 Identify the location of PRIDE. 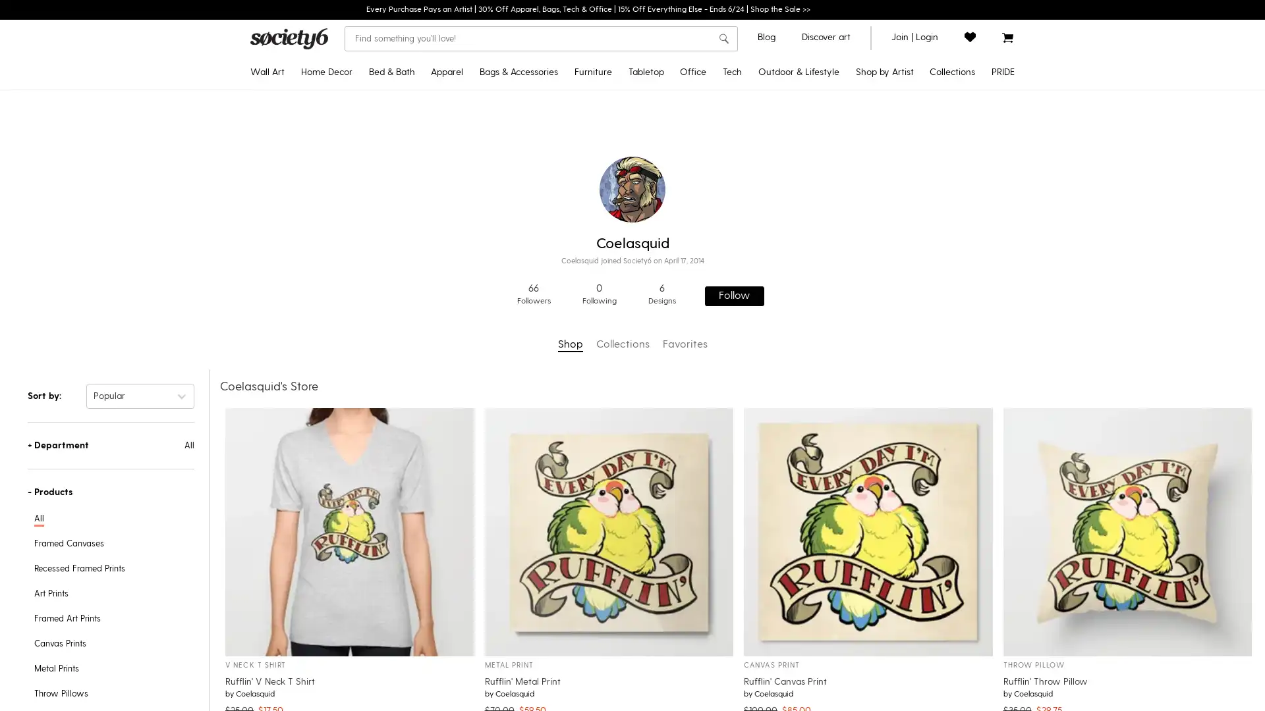
(1002, 72).